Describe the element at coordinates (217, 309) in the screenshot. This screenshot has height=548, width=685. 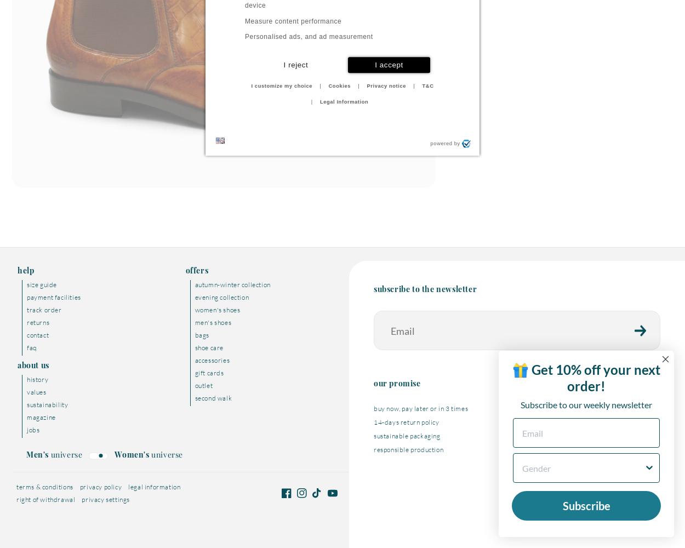
I see `'Women's shoes'` at that location.